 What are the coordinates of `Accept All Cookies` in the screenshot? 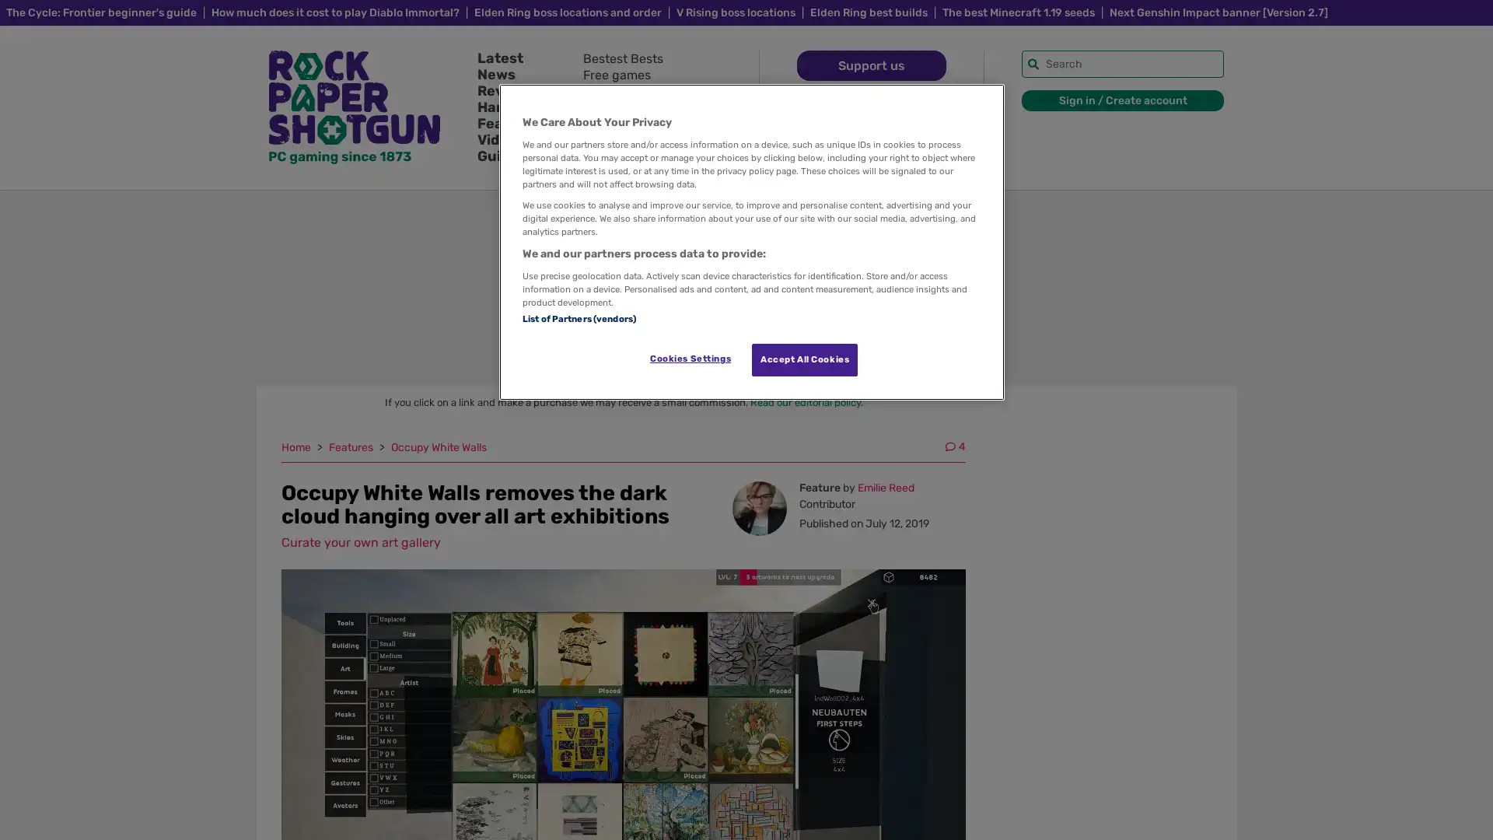 It's located at (805, 359).